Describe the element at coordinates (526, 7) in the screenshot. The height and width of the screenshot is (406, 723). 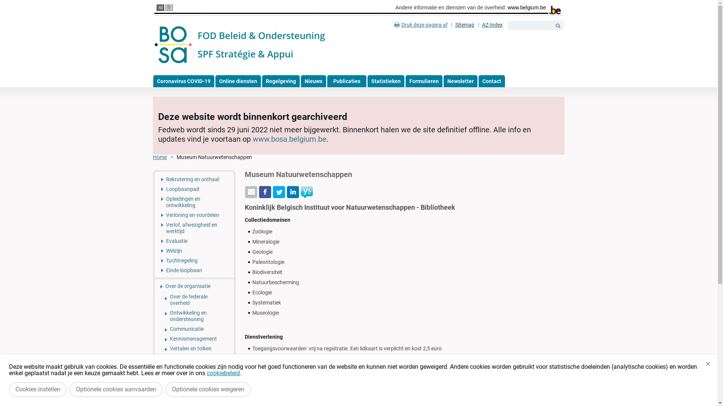
I see `'www.belgium.be'` at that location.